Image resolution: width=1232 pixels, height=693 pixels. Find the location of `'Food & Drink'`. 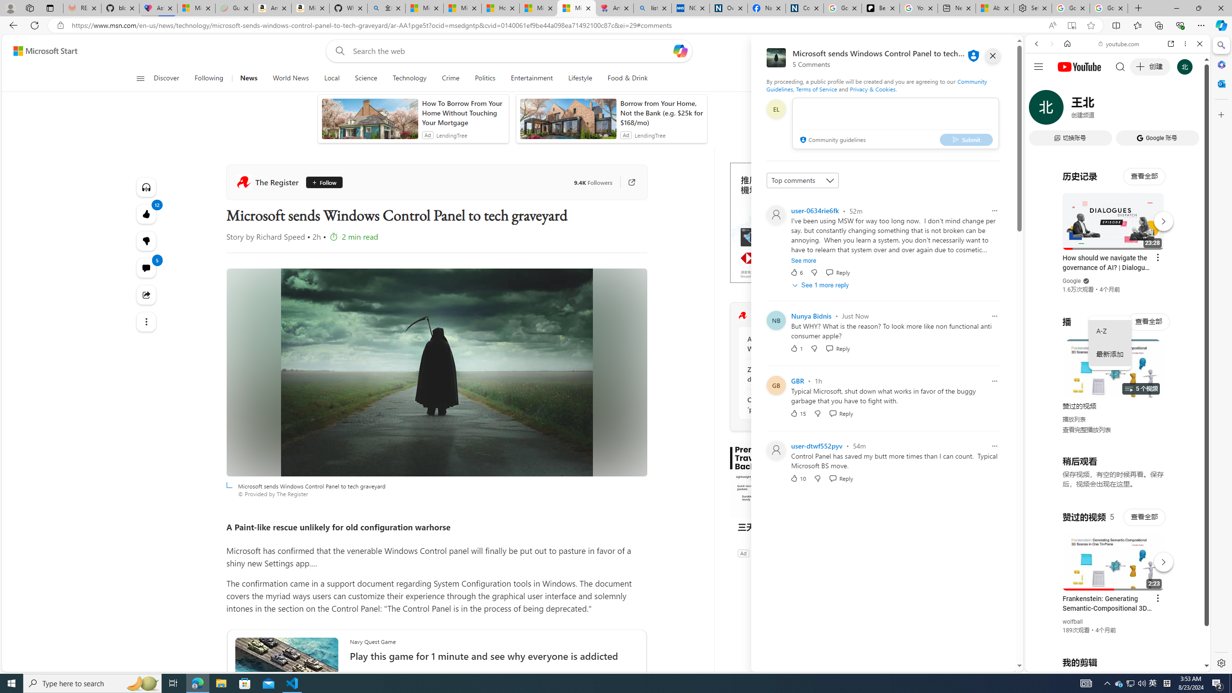

'Food & Drink' is located at coordinates (628, 78).